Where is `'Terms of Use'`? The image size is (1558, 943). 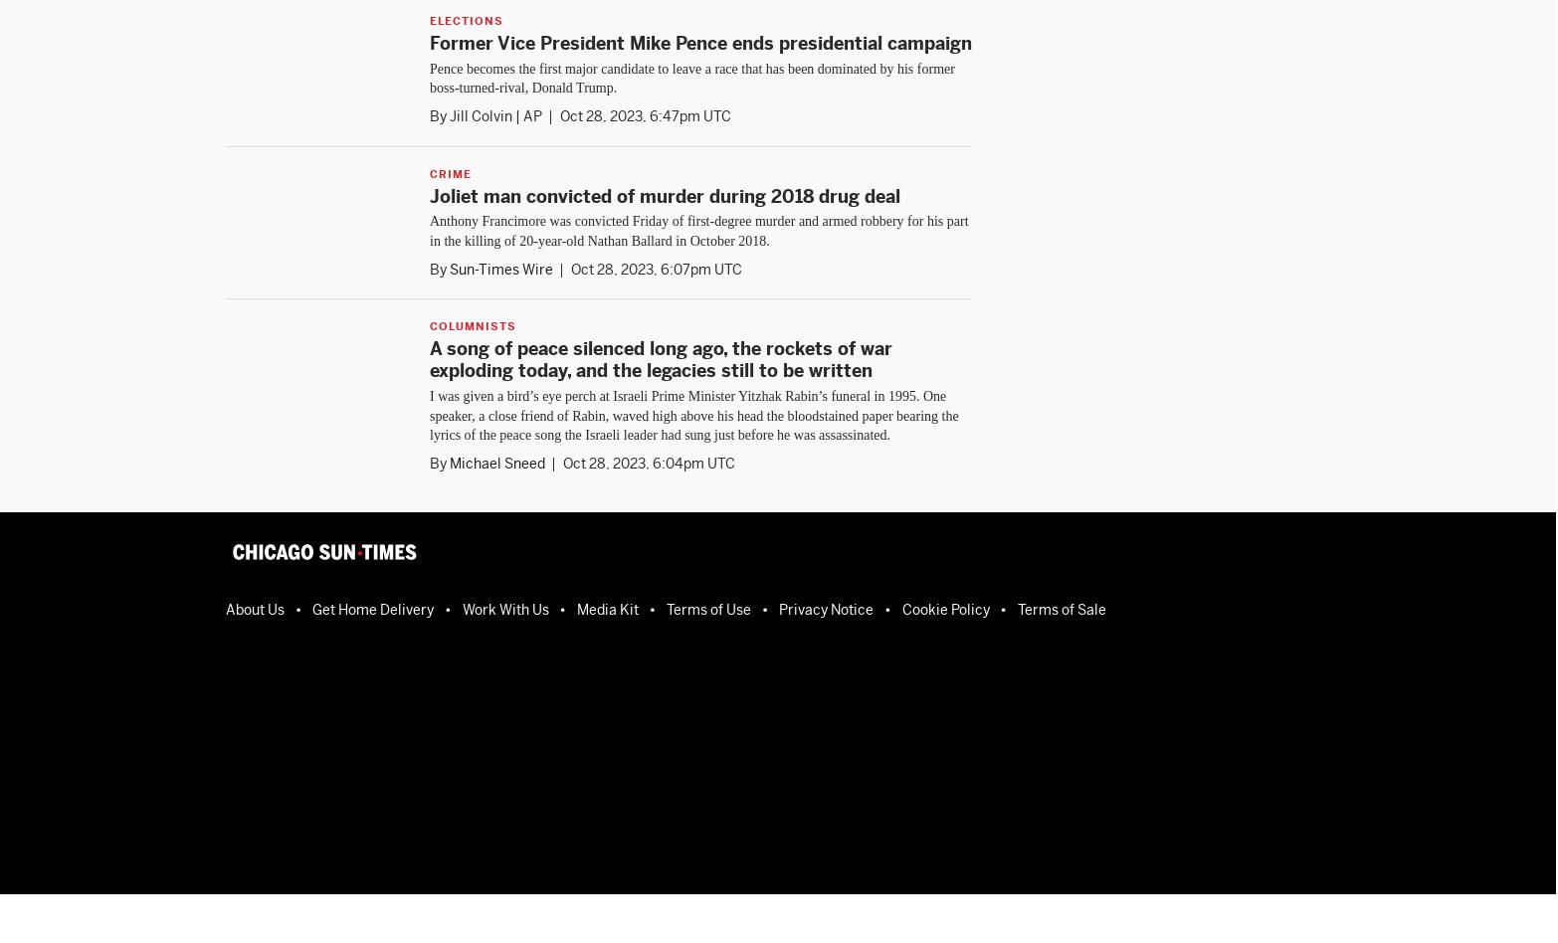
'Terms of Use' is located at coordinates (707, 608).